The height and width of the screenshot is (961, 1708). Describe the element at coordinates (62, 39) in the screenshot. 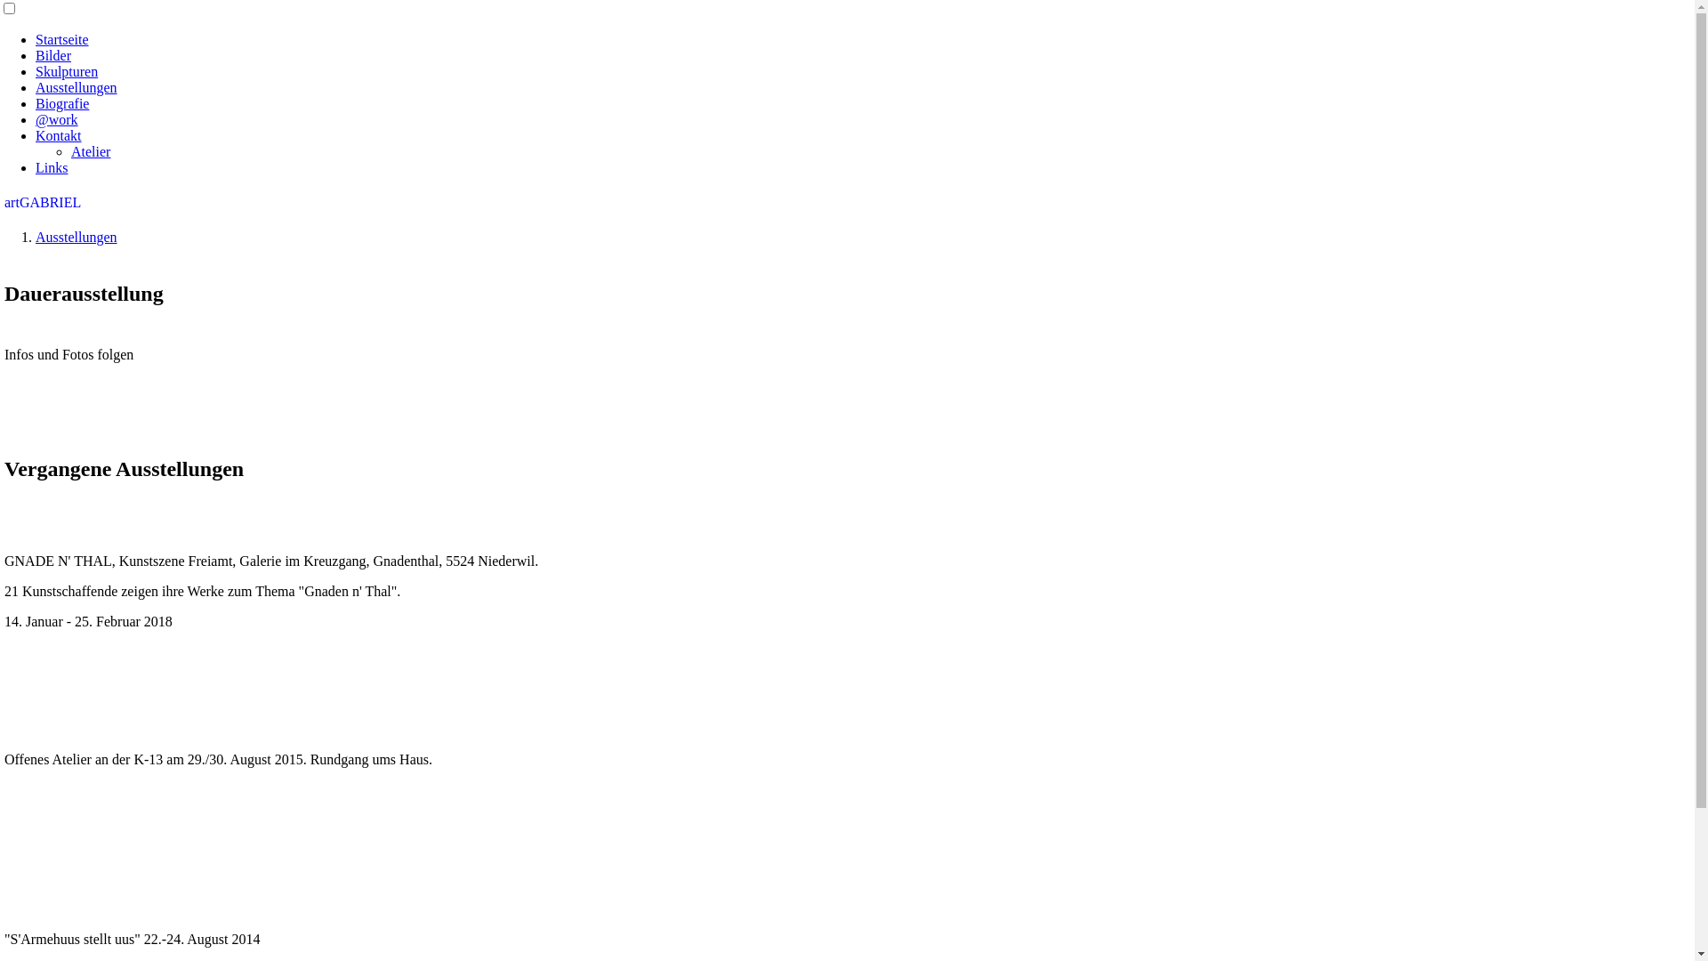

I see `'Startseite'` at that location.